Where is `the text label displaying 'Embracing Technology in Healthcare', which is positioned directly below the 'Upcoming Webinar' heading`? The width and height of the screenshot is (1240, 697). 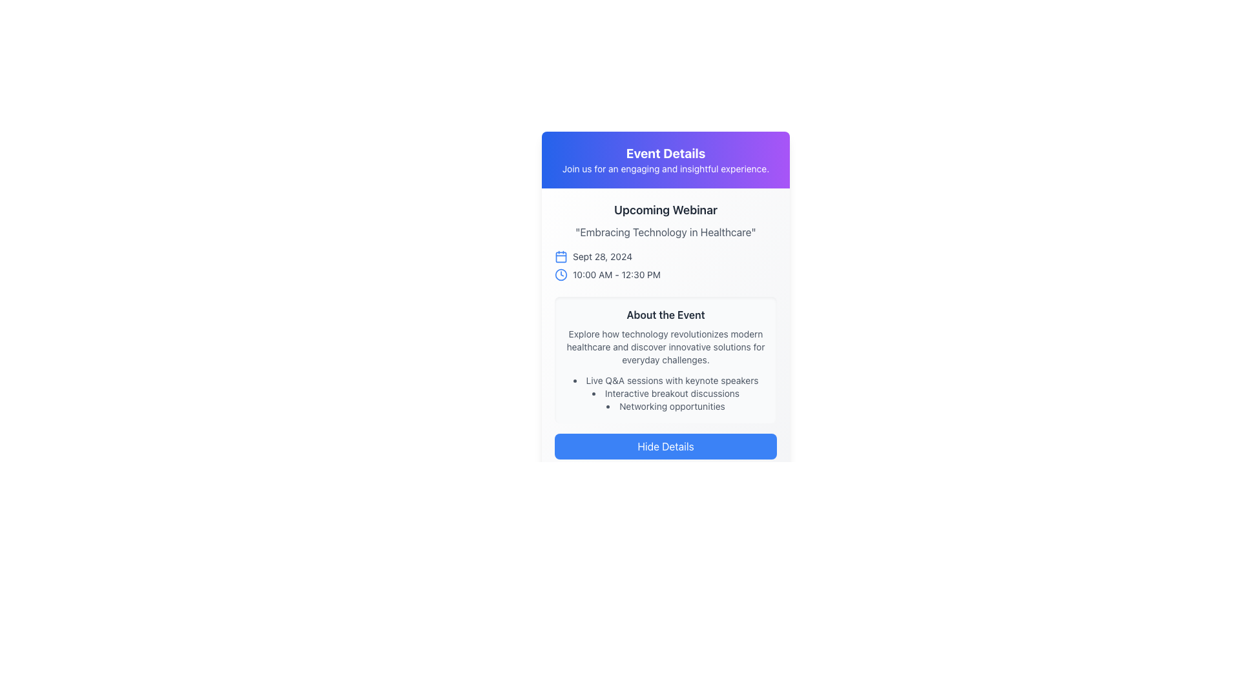
the text label displaying 'Embracing Technology in Healthcare', which is positioned directly below the 'Upcoming Webinar' heading is located at coordinates (666, 231).